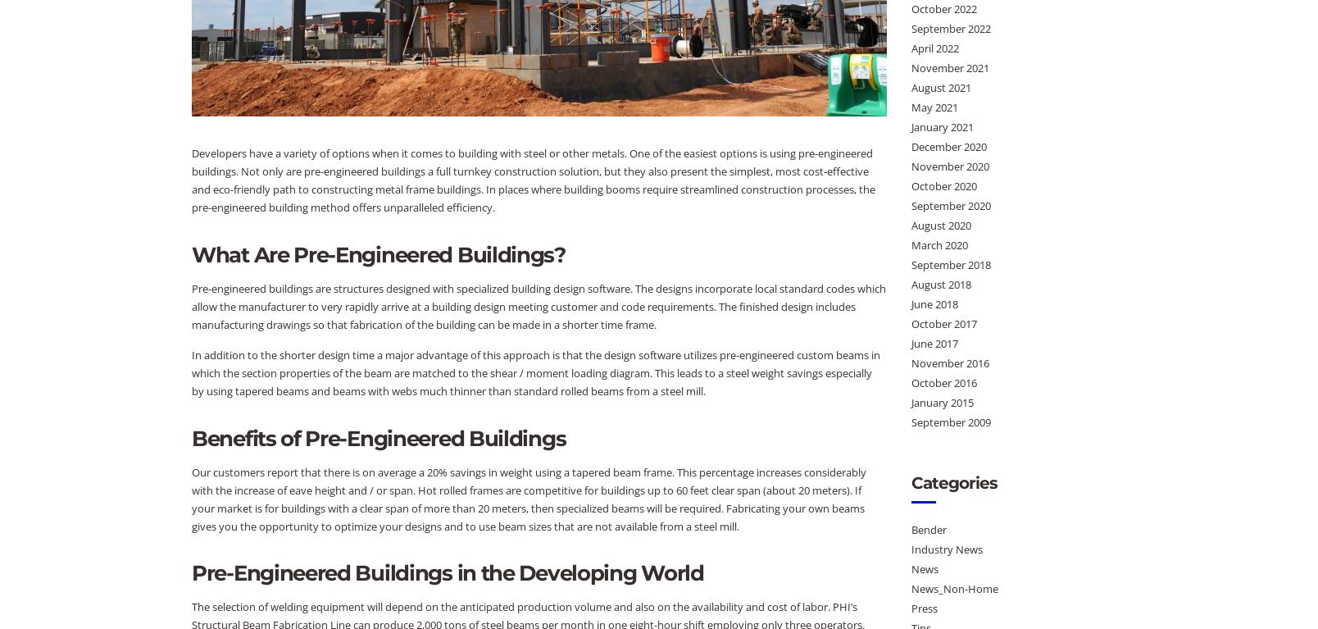 The image size is (1318, 629). Describe the element at coordinates (942, 125) in the screenshot. I see `'January 2021'` at that location.